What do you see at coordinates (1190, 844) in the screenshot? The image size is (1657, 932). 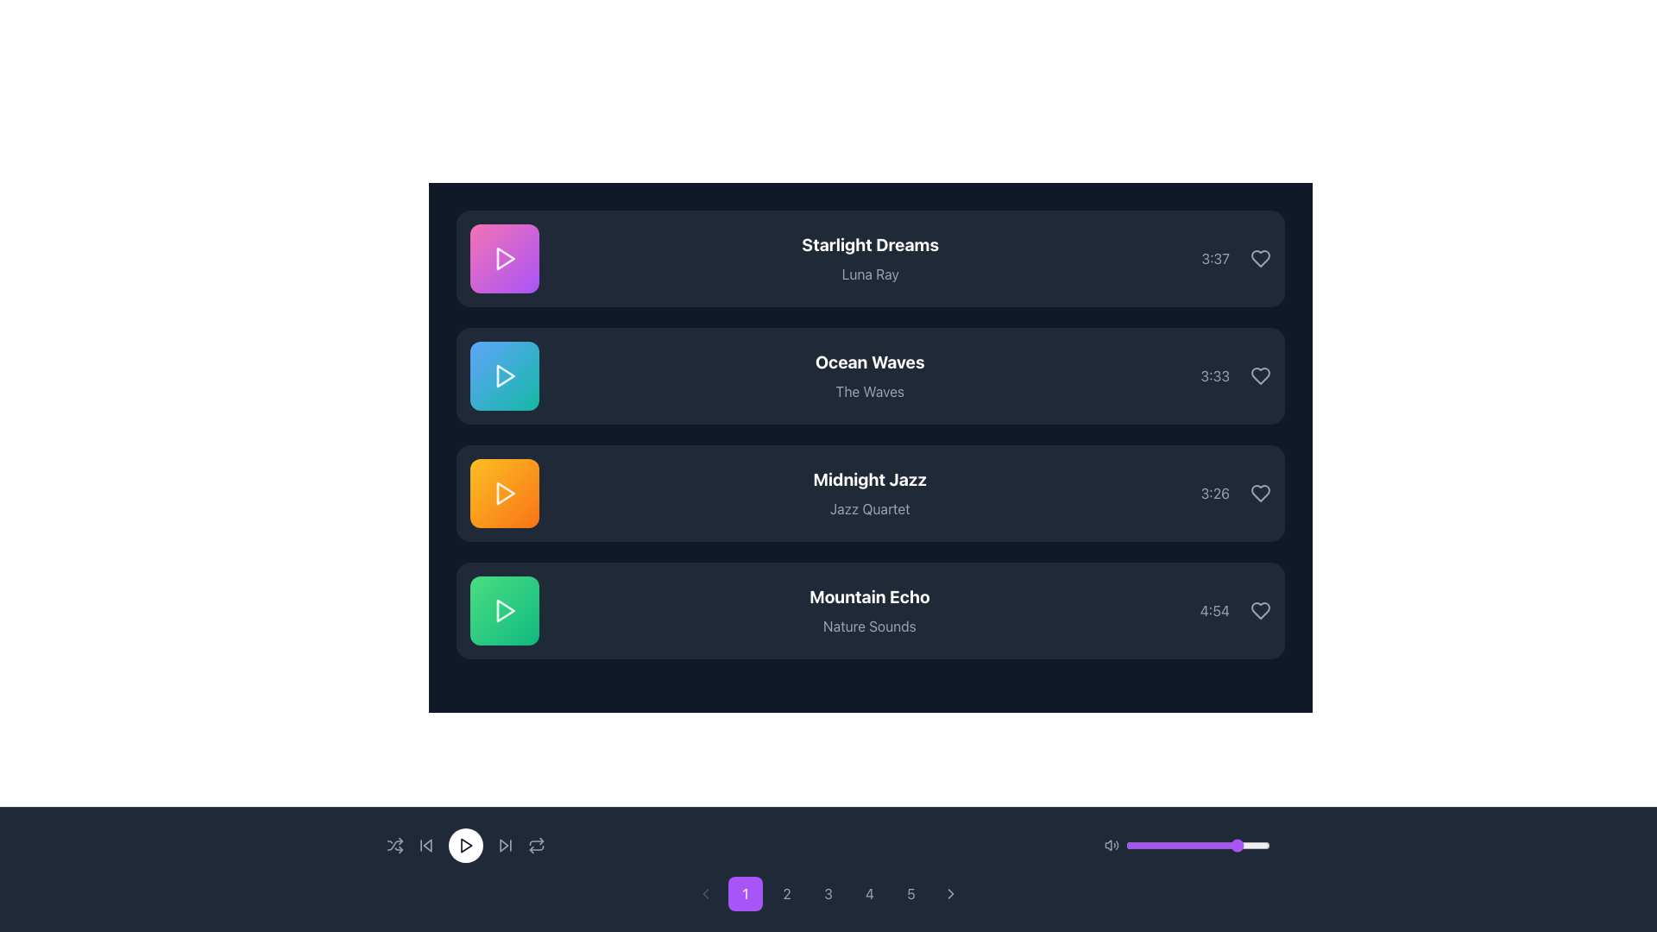 I see `the volume` at bounding box center [1190, 844].